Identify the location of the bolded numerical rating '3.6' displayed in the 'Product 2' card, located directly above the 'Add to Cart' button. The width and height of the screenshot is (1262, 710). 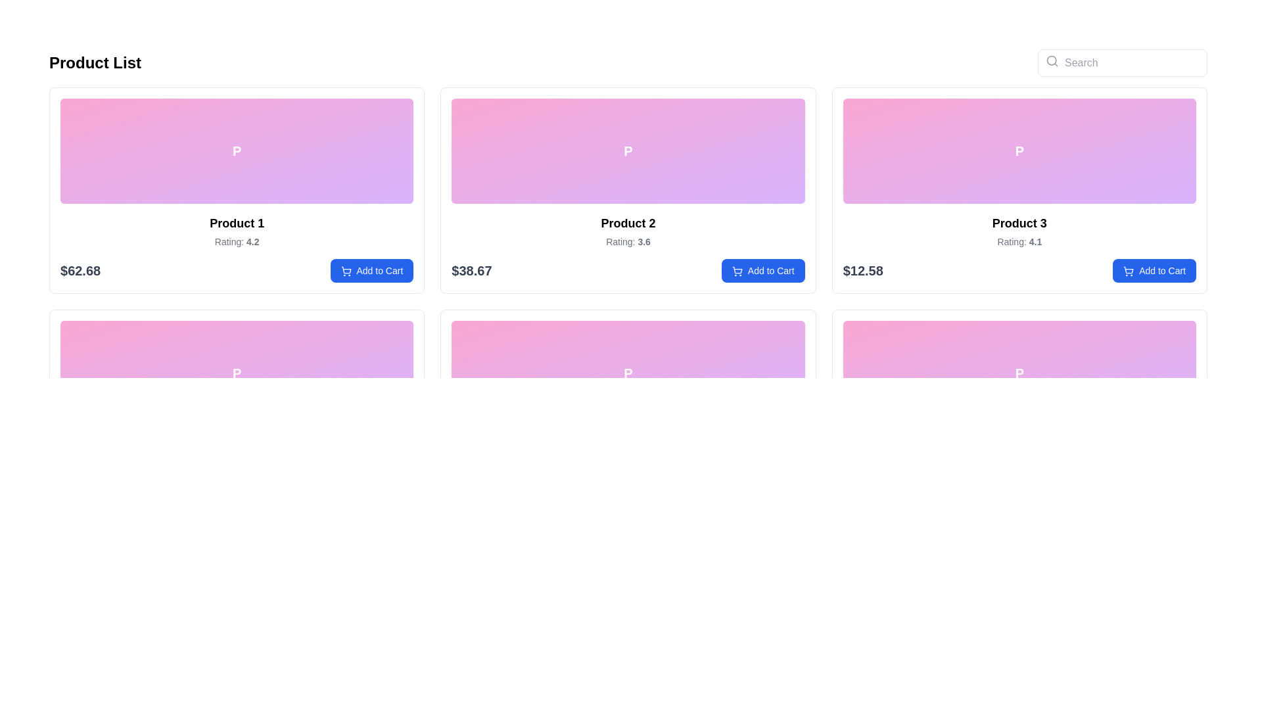
(644, 241).